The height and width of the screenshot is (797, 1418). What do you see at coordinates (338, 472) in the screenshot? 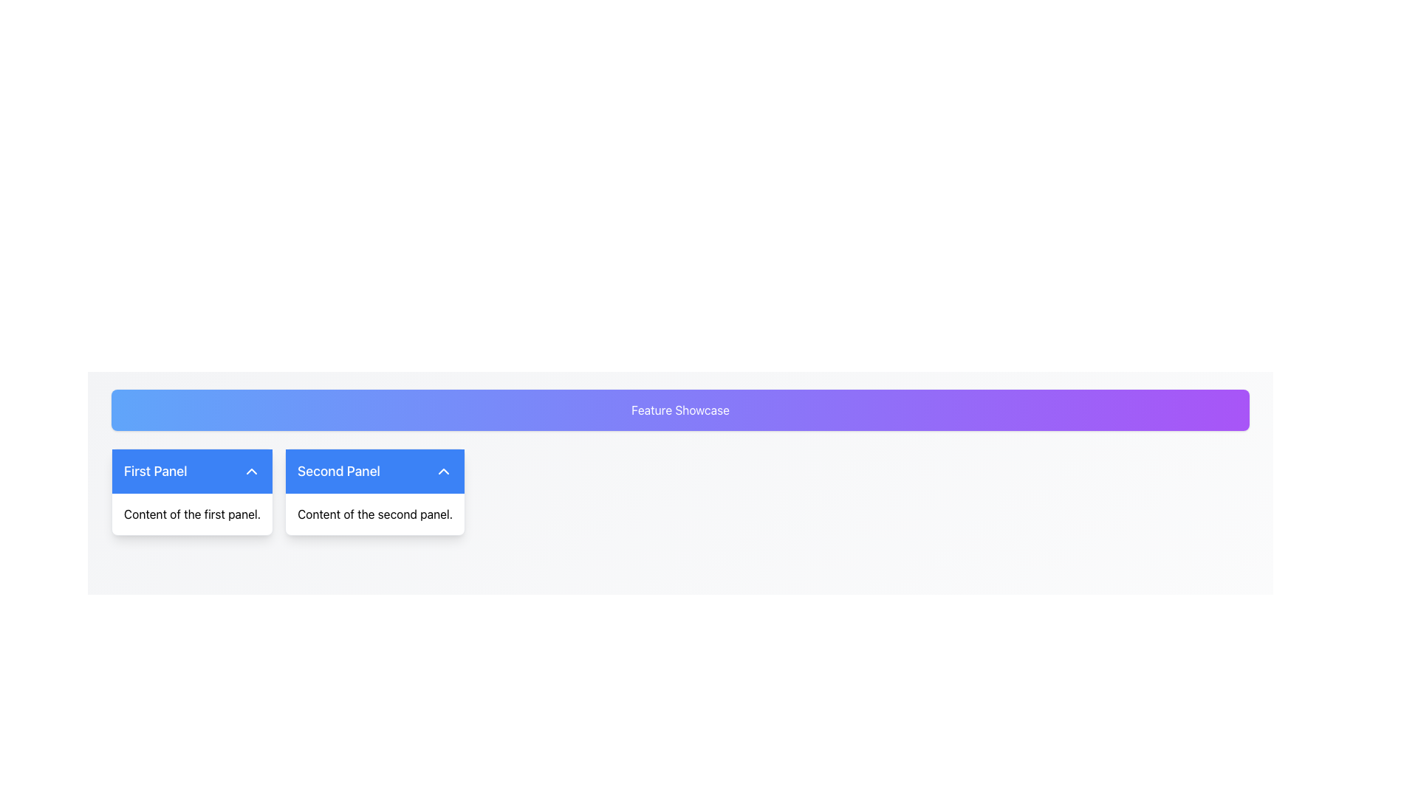
I see `text label that identifies the second panel in the collapsible interface, located centrally in the header area, to the left of the upward-pointing chevron icon` at bounding box center [338, 472].